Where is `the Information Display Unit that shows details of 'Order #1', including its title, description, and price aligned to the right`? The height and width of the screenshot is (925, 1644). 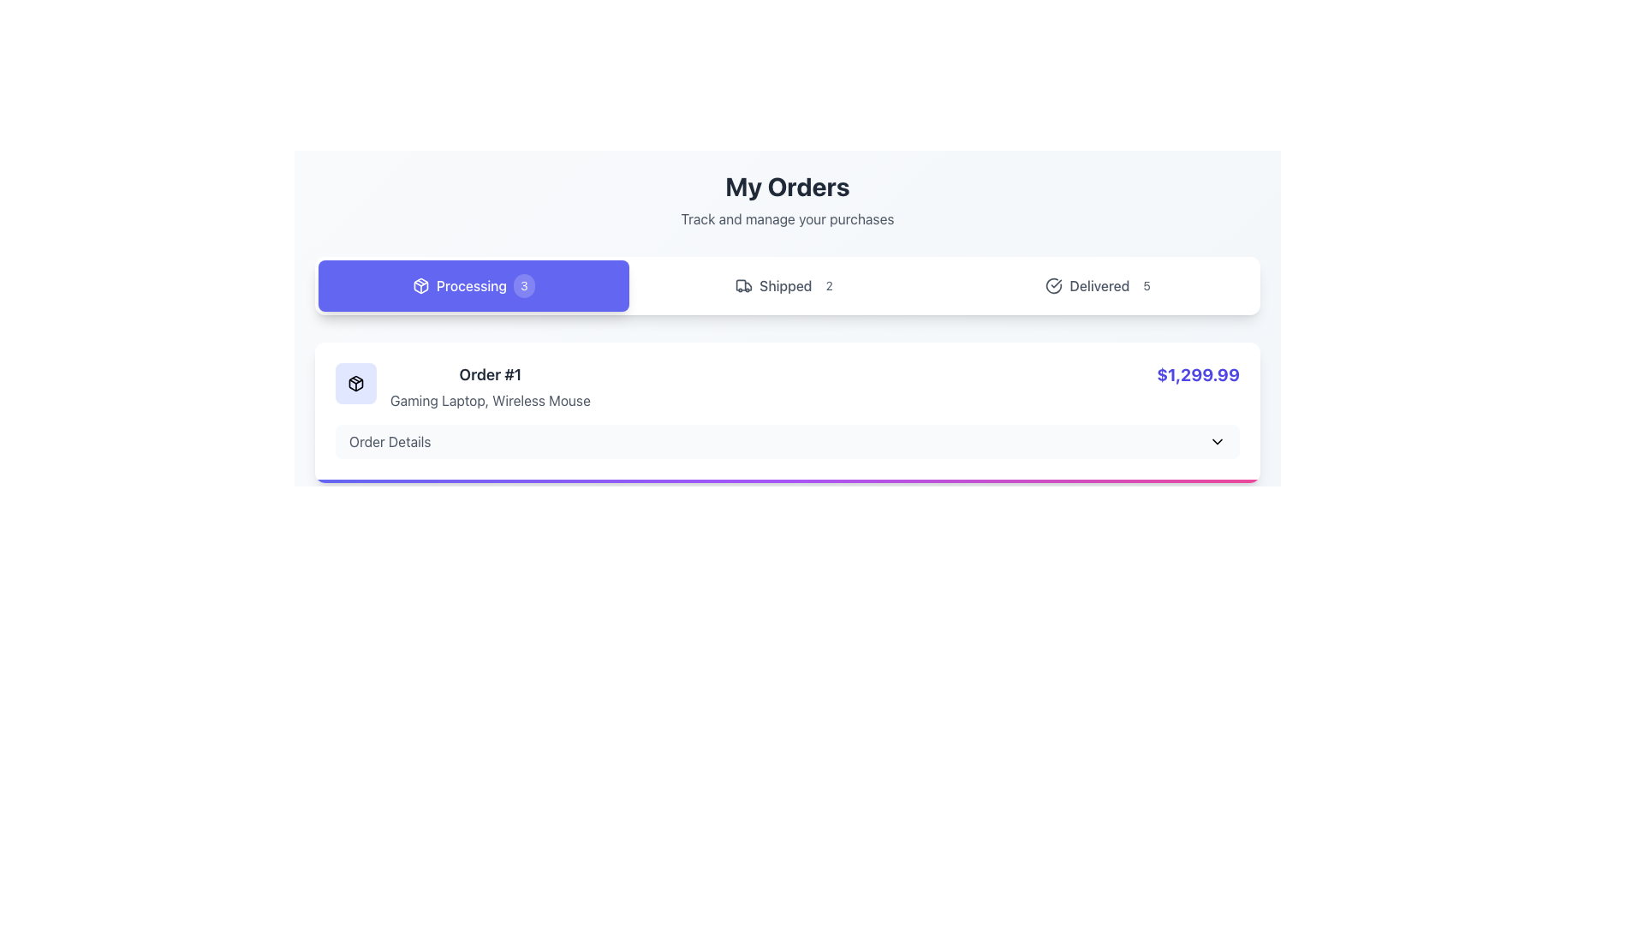
the Information Display Unit that shows details of 'Order #1', including its title, description, and price aligned to the right is located at coordinates (787, 386).